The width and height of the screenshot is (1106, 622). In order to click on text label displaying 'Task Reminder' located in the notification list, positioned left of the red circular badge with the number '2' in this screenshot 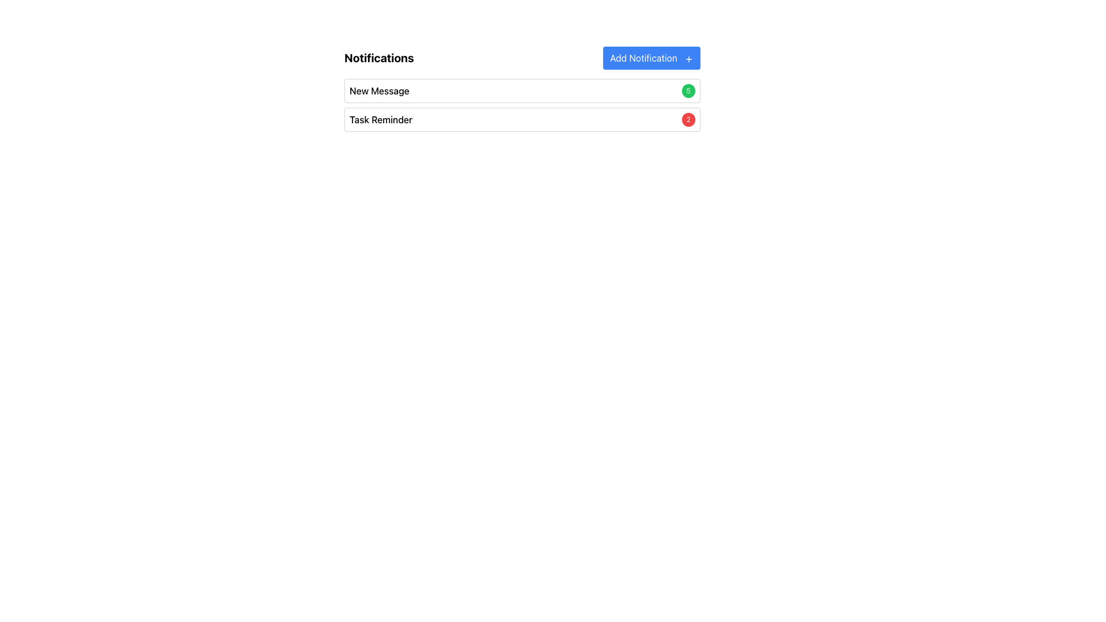, I will do `click(381, 120)`.